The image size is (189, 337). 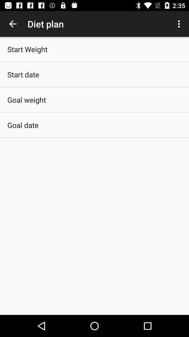 What do you see at coordinates (23, 74) in the screenshot?
I see `the start date icon` at bounding box center [23, 74].